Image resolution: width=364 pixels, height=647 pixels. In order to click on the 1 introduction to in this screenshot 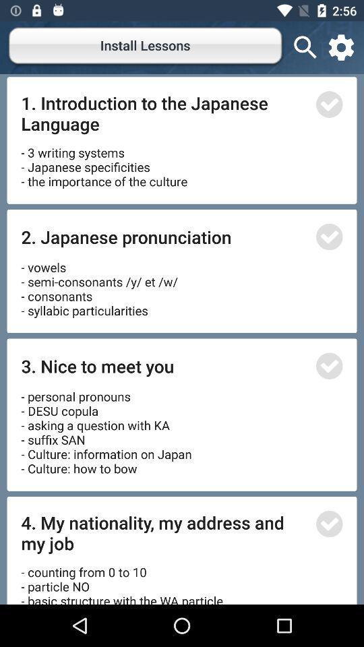, I will do `click(164, 113)`.